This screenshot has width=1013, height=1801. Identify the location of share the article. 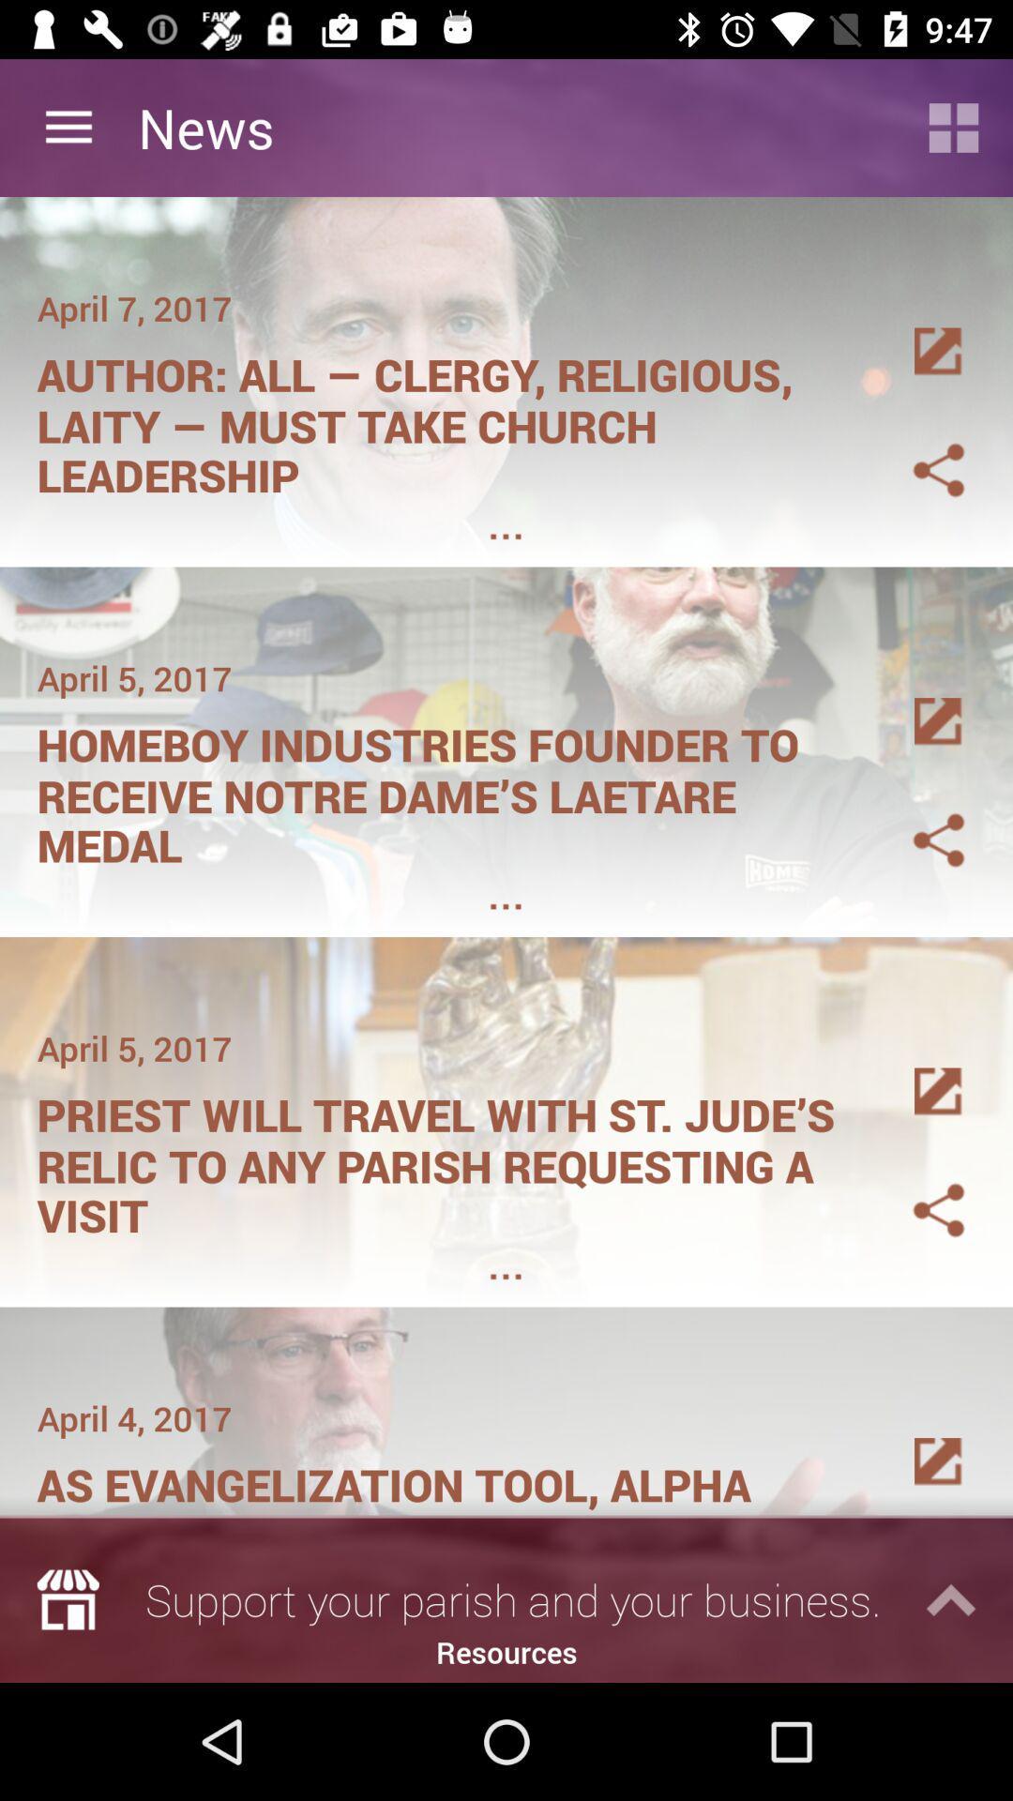
(915, 446).